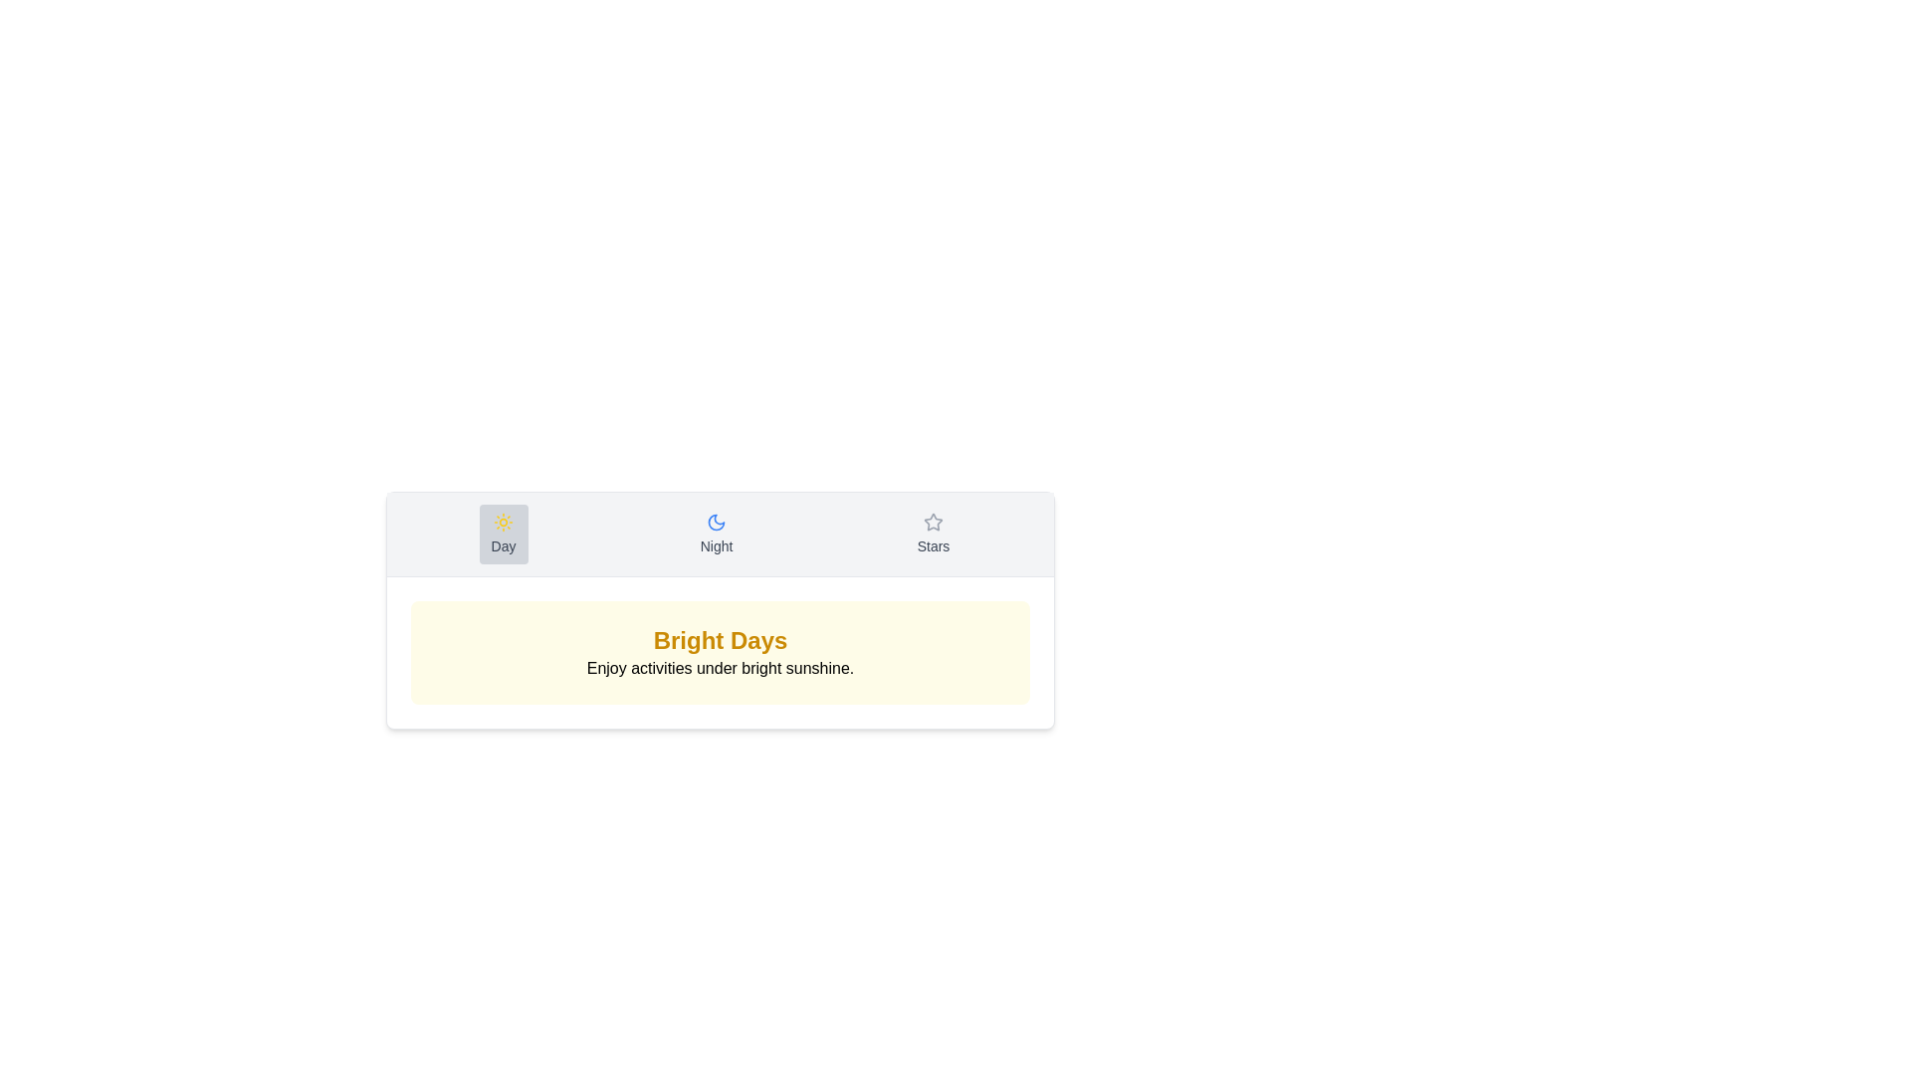  Describe the element at coordinates (933, 533) in the screenshot. I see `the tab labeled Stars` at that location.